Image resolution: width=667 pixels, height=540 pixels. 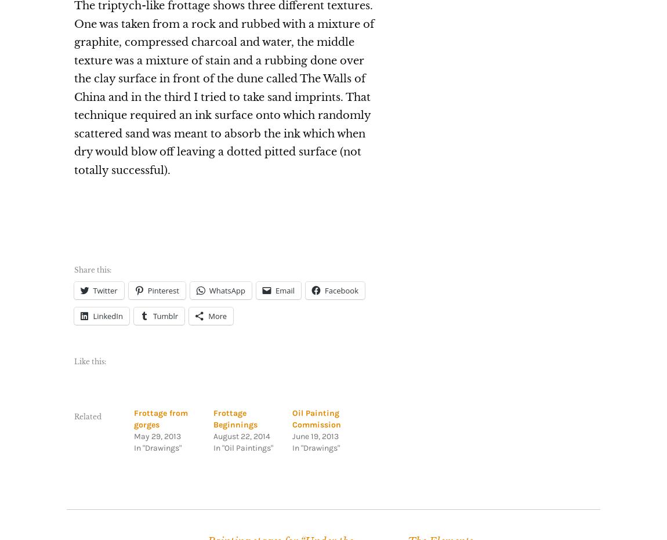 I want to click on 'More', so click(x=217, y=314).